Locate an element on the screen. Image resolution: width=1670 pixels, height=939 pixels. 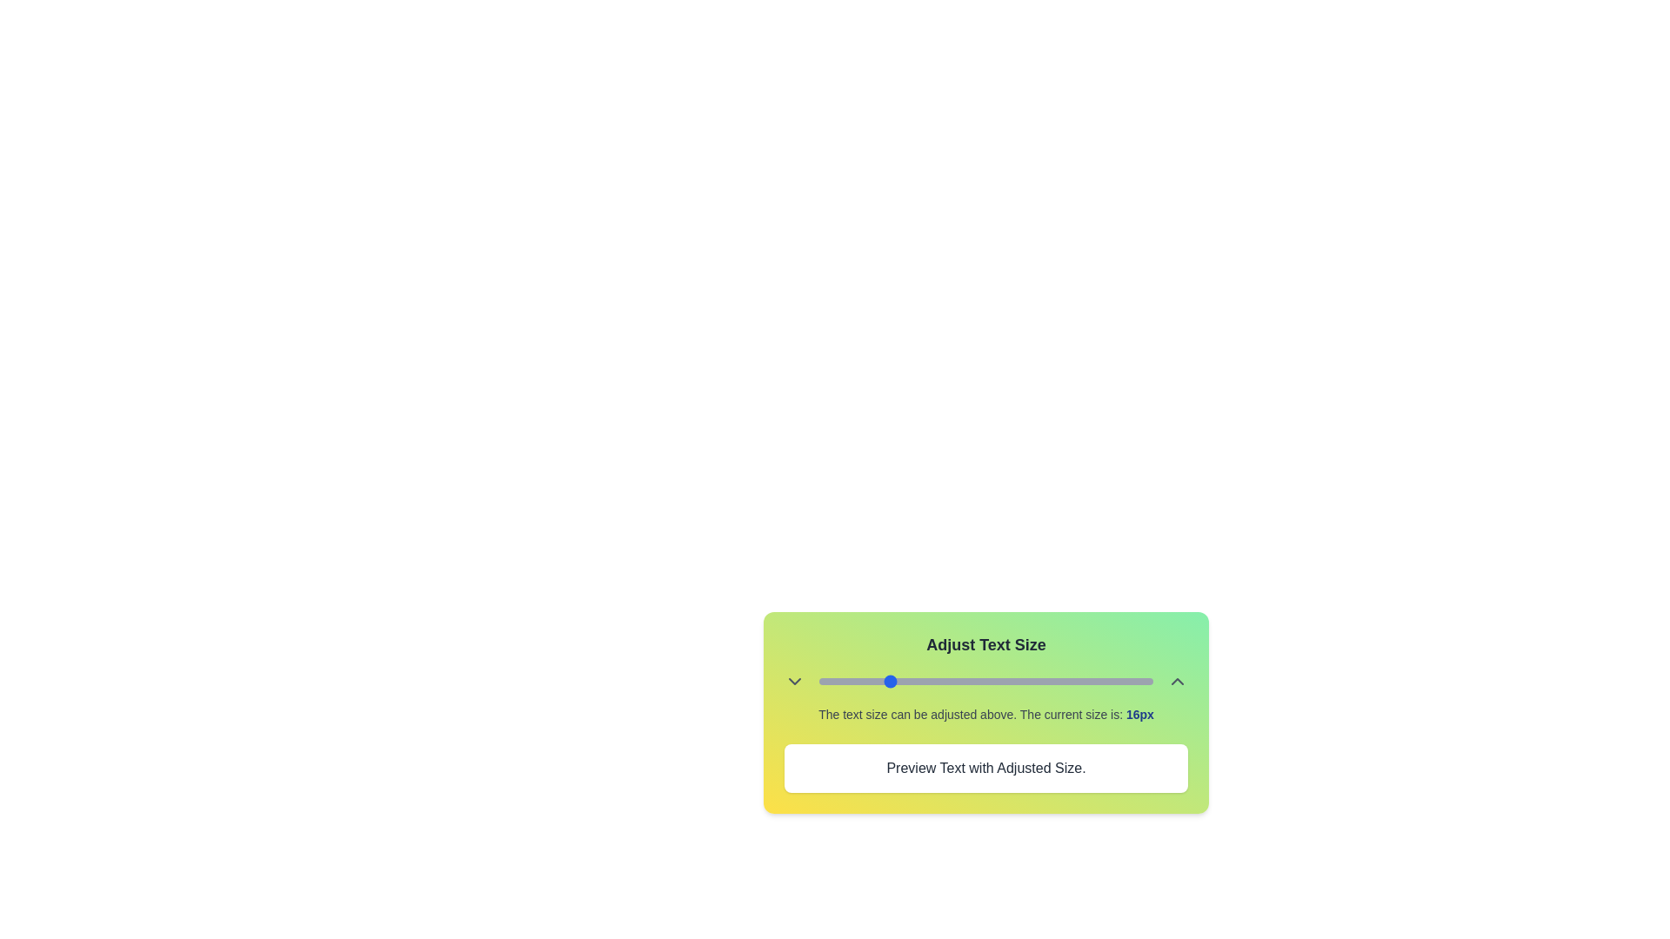
the text size to 37px using the slider is located at coordinates (1060, 680).